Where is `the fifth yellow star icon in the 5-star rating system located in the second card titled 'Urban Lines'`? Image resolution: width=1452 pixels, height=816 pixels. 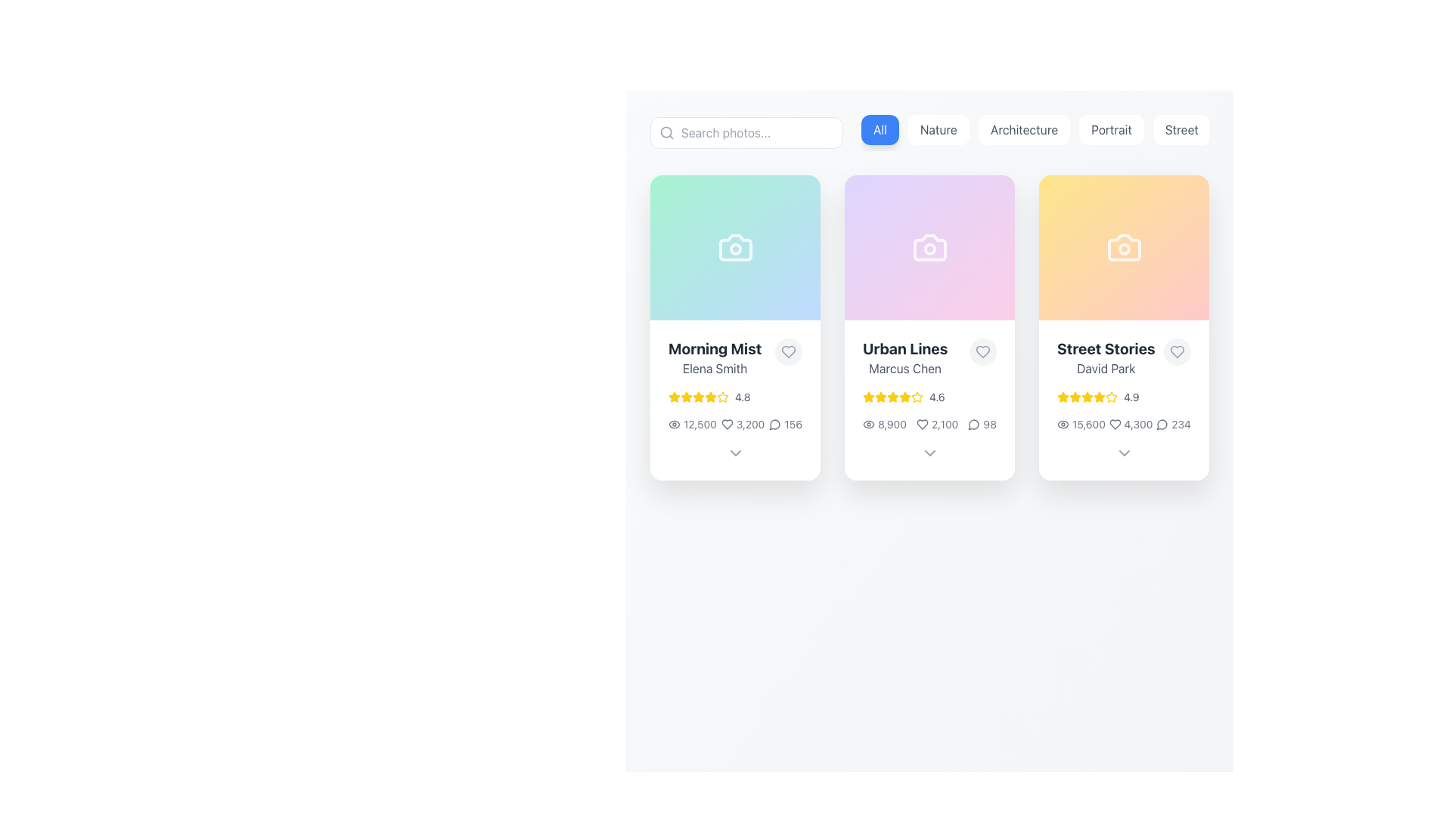 the fifth yellow star icon in the 5-star rating system located in the second card titled 'Urban Lines' is located at coordinates (904, 396).